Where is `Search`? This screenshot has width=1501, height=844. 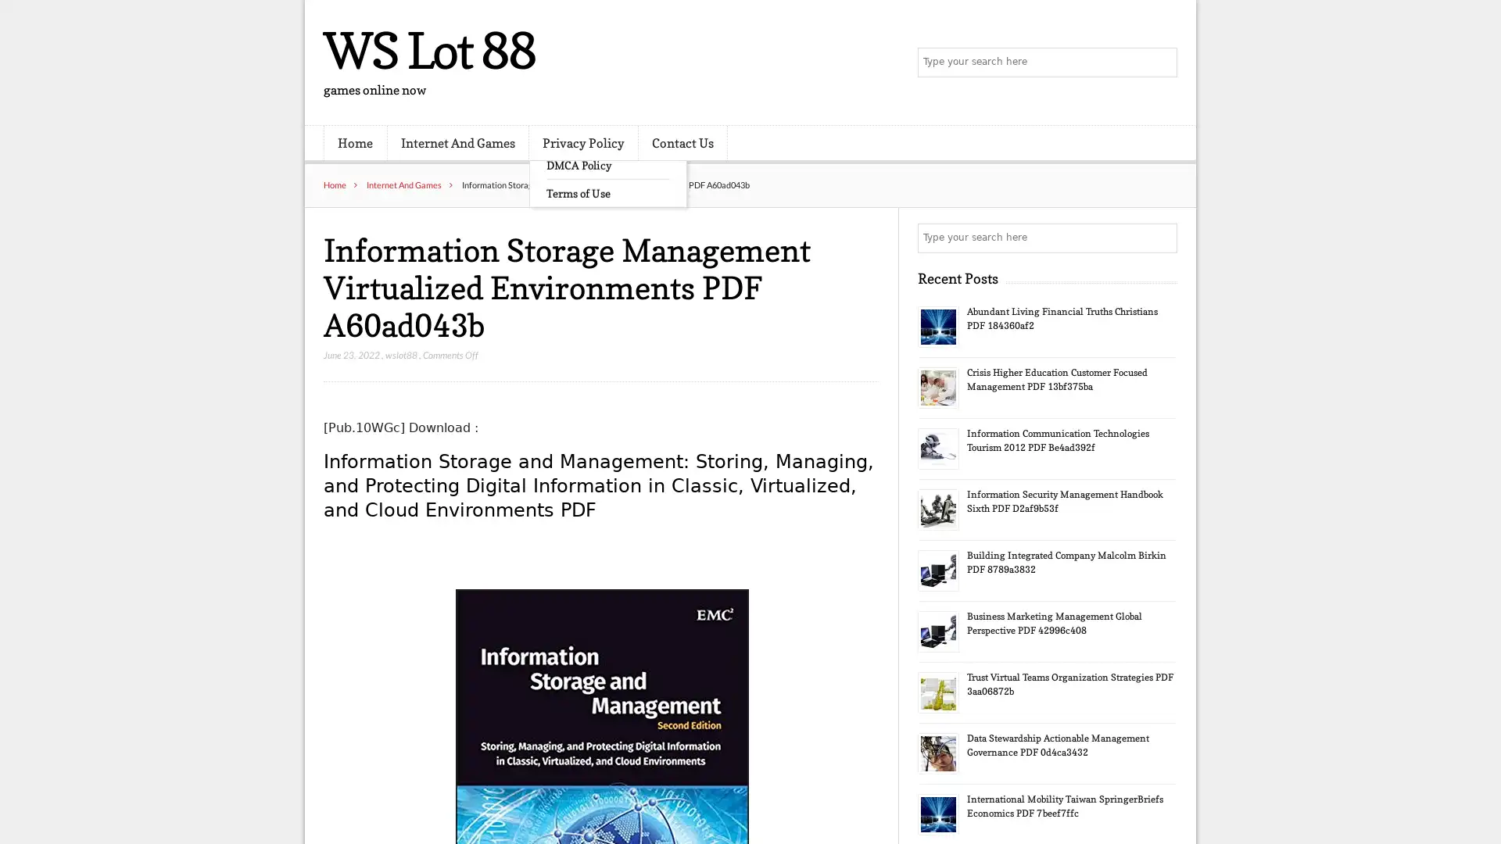 Search is located at coordinates (1161, 63).